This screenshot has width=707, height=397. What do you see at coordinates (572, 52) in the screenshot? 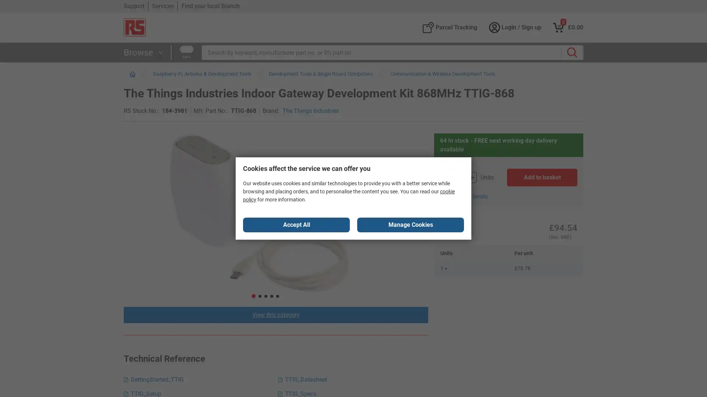
I see `Search button` at bounding box center [572, 52].